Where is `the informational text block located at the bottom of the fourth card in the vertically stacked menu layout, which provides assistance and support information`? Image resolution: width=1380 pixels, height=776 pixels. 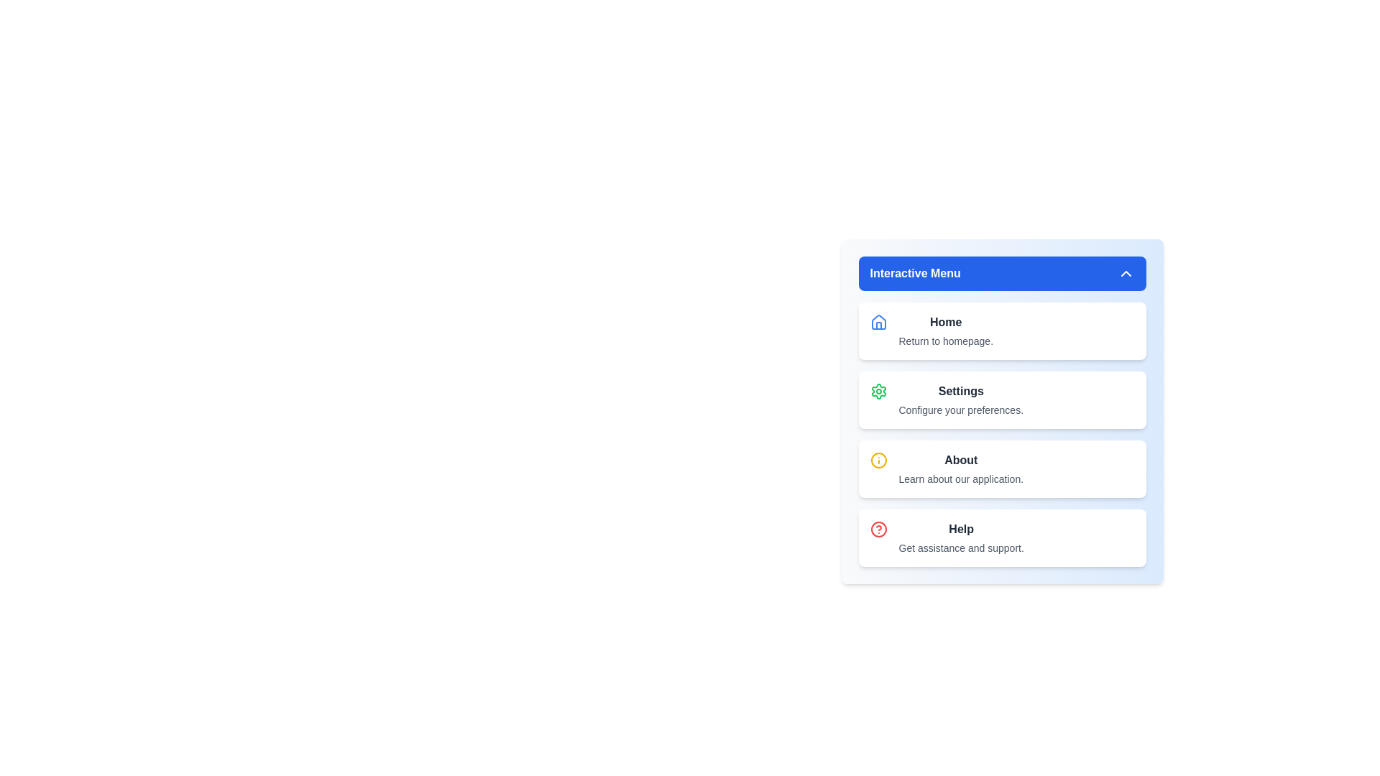
the informational text block located at the bottom of the fourth card in the vertically stacked menu layout, which provides assistance and support information is located at coordinates (961, 537).